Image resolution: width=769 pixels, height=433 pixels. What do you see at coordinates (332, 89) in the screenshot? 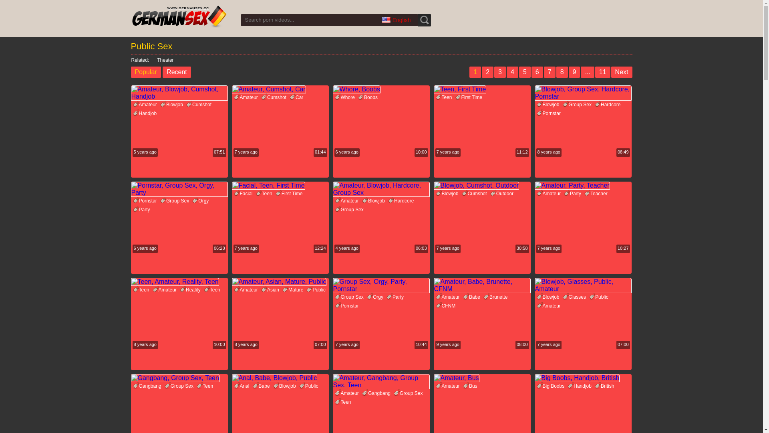
I see `'Whore, Boobs'` at bounding box center [332, 89].